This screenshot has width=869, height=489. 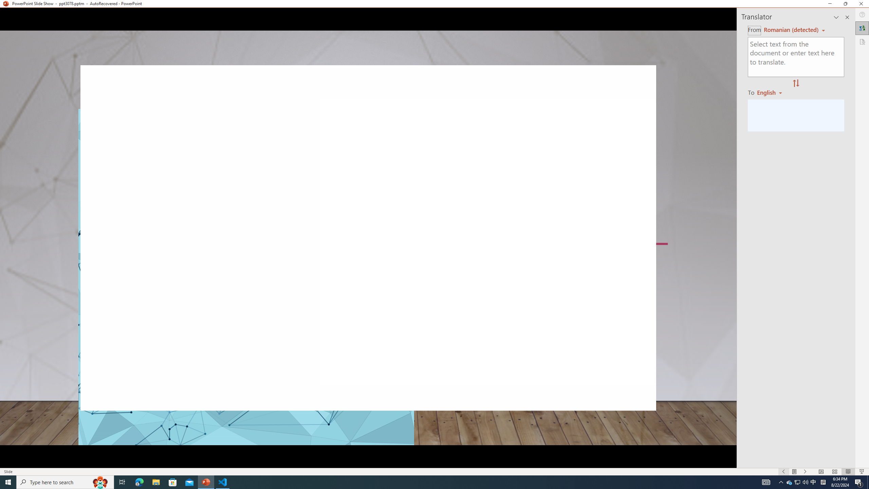 I want to click on 'Slide Show Next On', so click(x=805, y=472).